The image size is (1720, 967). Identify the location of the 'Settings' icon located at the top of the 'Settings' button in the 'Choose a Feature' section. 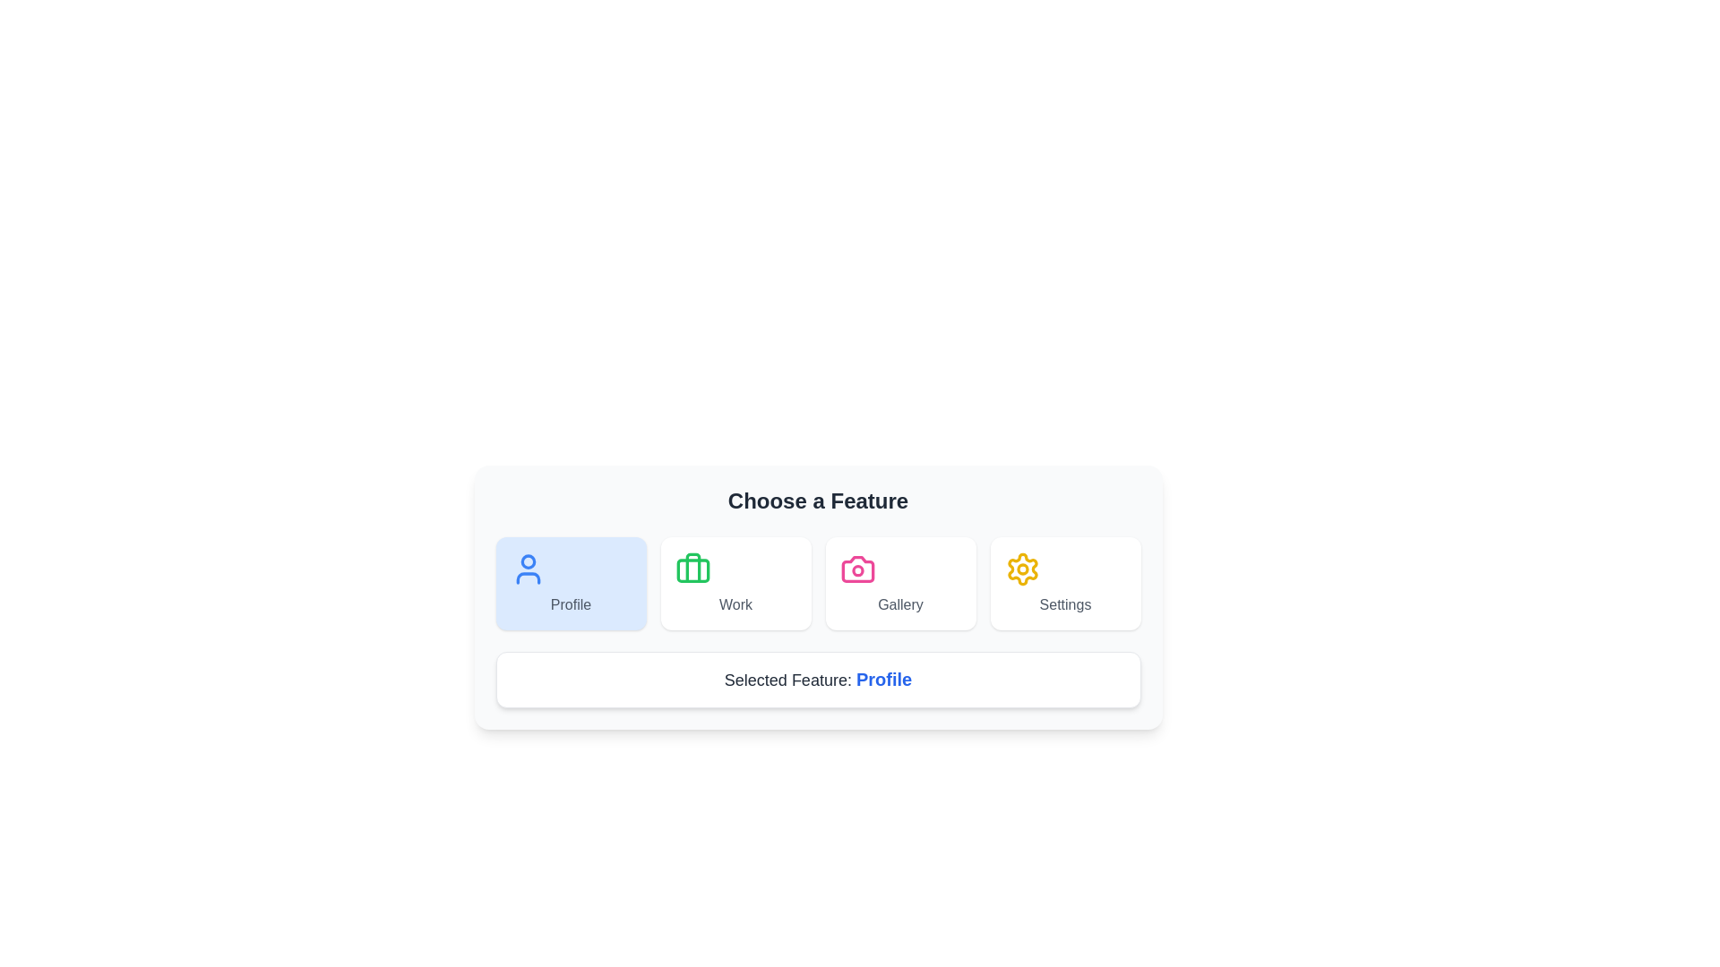
(1022, 569).